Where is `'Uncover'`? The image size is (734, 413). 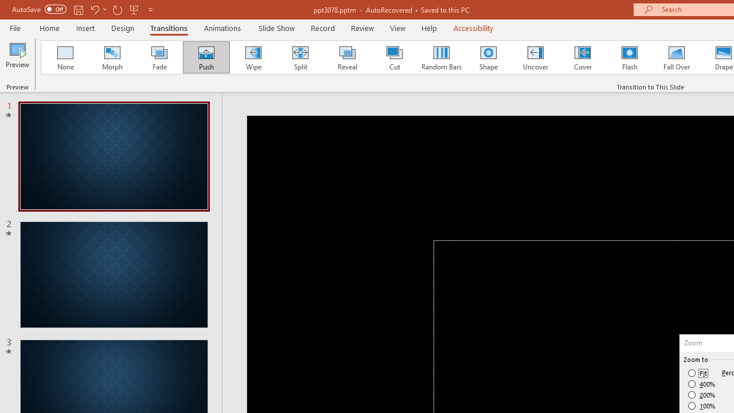 'Uncover' is located at coordinates (535, 57).